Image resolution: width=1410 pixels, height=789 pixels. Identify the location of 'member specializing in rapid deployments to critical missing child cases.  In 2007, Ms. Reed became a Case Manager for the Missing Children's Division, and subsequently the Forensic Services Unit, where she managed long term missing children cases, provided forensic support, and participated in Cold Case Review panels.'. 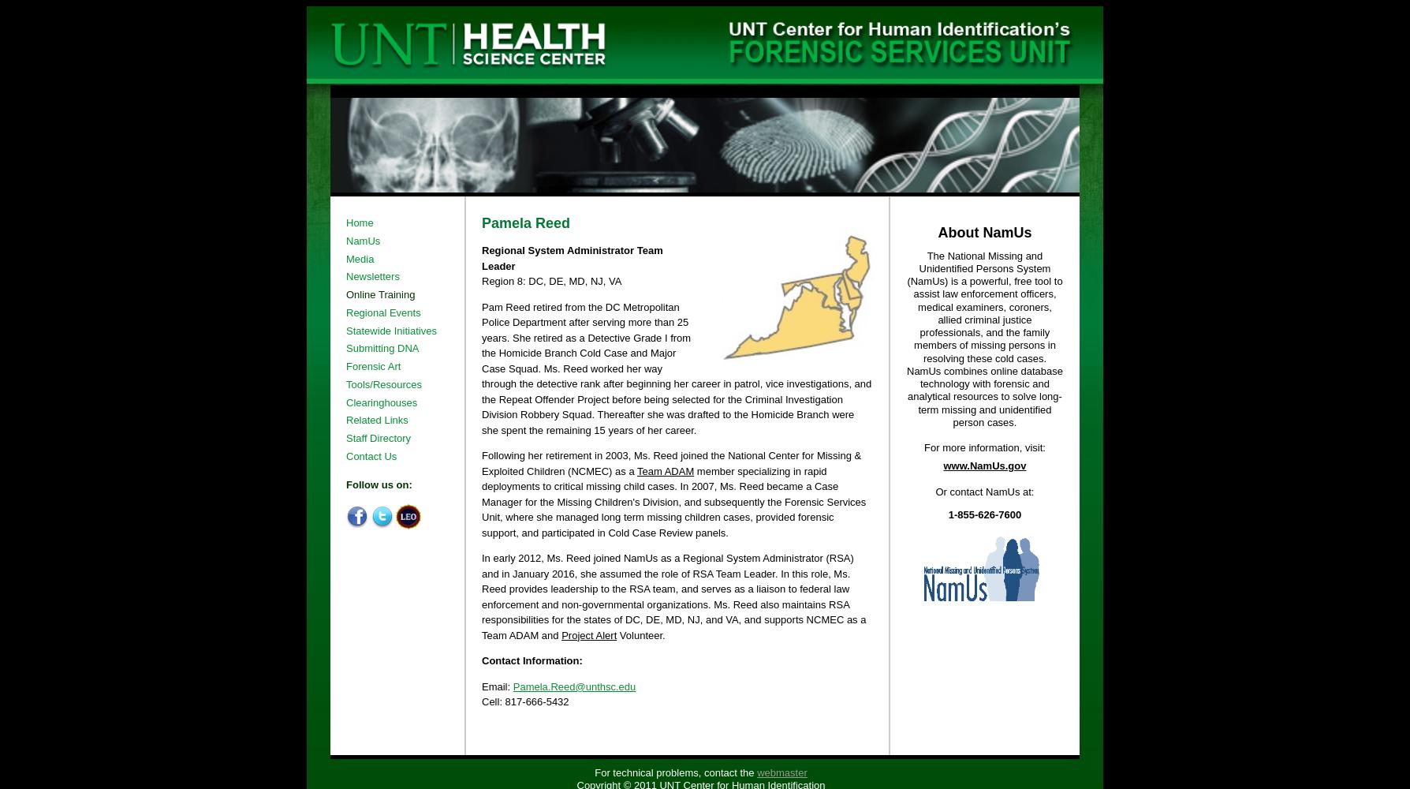
(673, 501).